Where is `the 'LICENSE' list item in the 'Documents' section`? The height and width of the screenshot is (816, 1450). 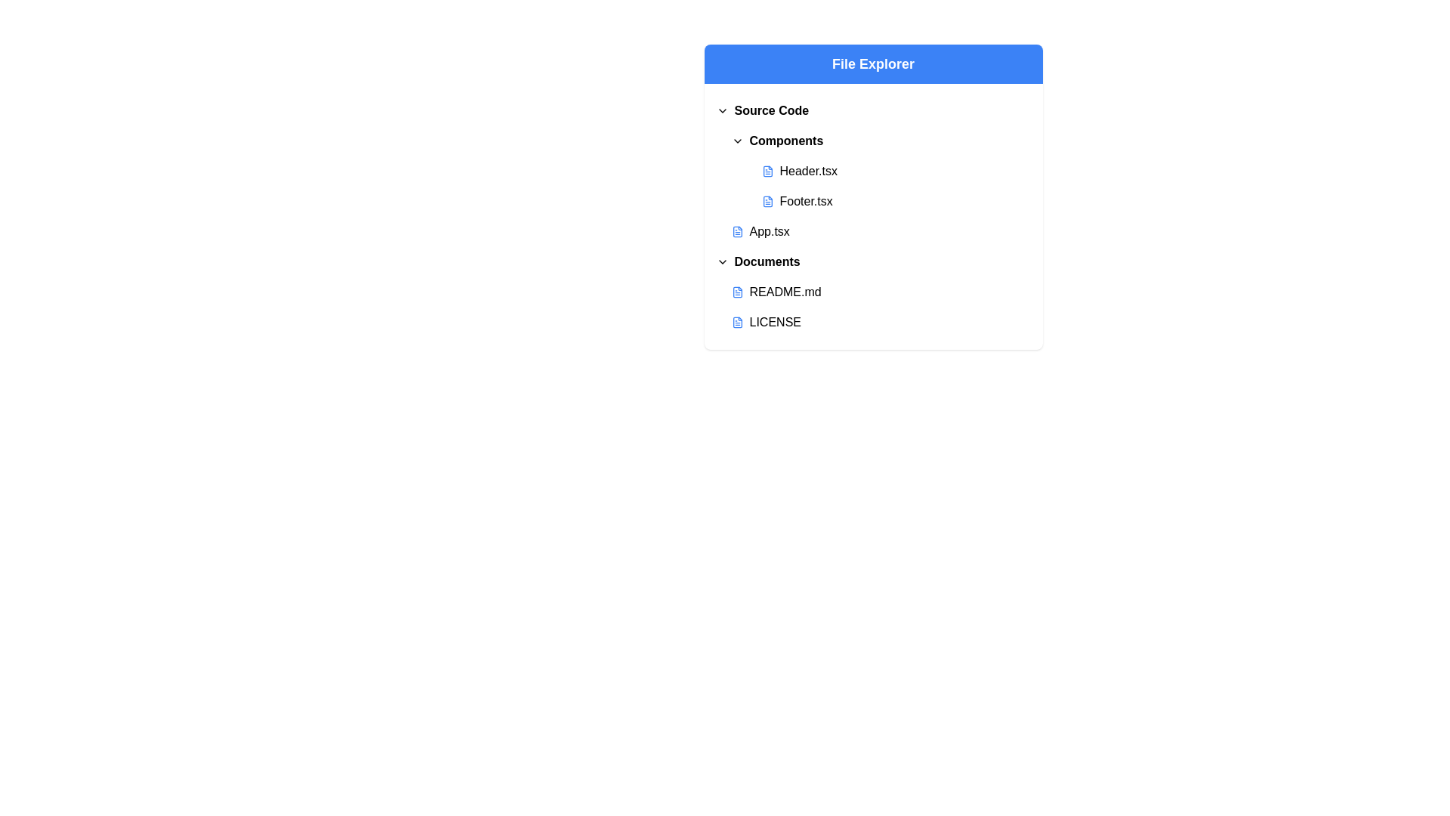
the 'LICENSE' list item in the 'Documents' section is located at coordinates (873, 322).